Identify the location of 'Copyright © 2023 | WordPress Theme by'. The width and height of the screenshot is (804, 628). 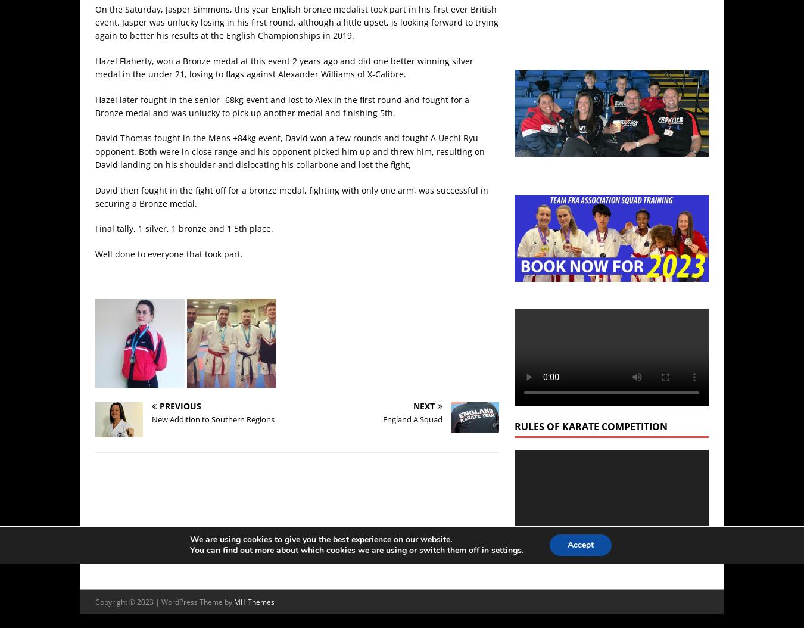
(164, 601).